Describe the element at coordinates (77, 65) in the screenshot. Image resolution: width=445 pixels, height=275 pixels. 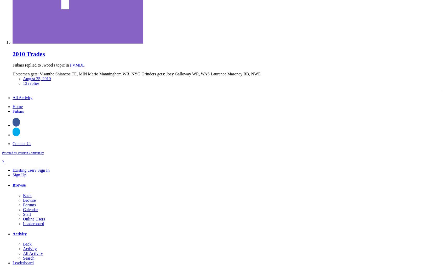
I see `'FVMDL'` at that location.